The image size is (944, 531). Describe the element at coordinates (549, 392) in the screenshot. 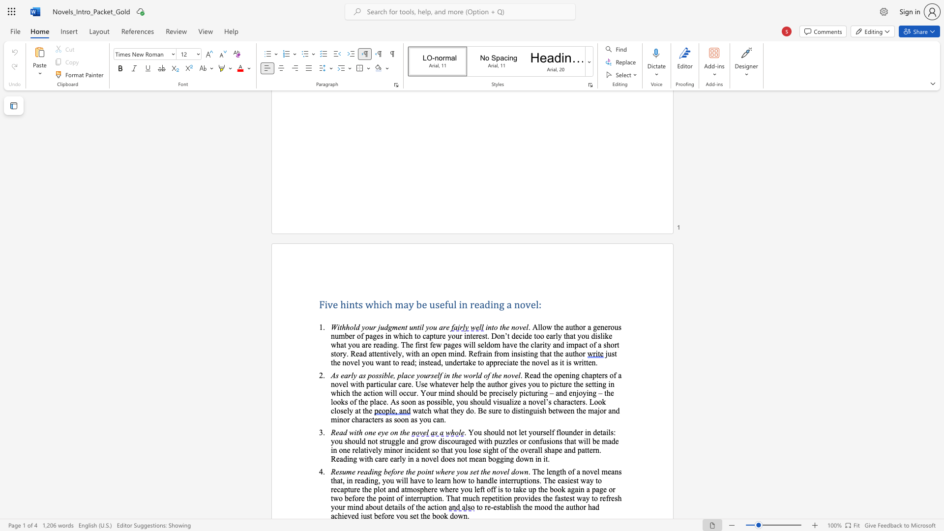

I see `the subset text "– and enjoying – the looks of the place. As soo" within the text ". Read the opening chapters of a novel with particular care. Use whatever help the author gives you to picture the setting in which the action will occur. Your mind should be precisely picturing – and enjoying – the looks of the place. As soon as possible, you should visualize a novel’s characters. Look closely at the"` at that location.